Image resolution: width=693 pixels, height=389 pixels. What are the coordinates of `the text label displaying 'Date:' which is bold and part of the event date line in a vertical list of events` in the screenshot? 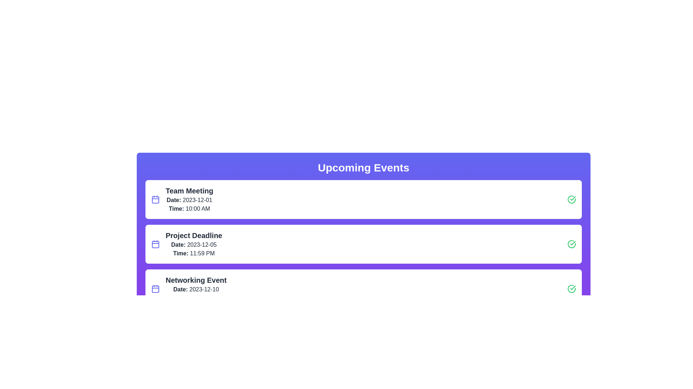 It's located at (180, 289).